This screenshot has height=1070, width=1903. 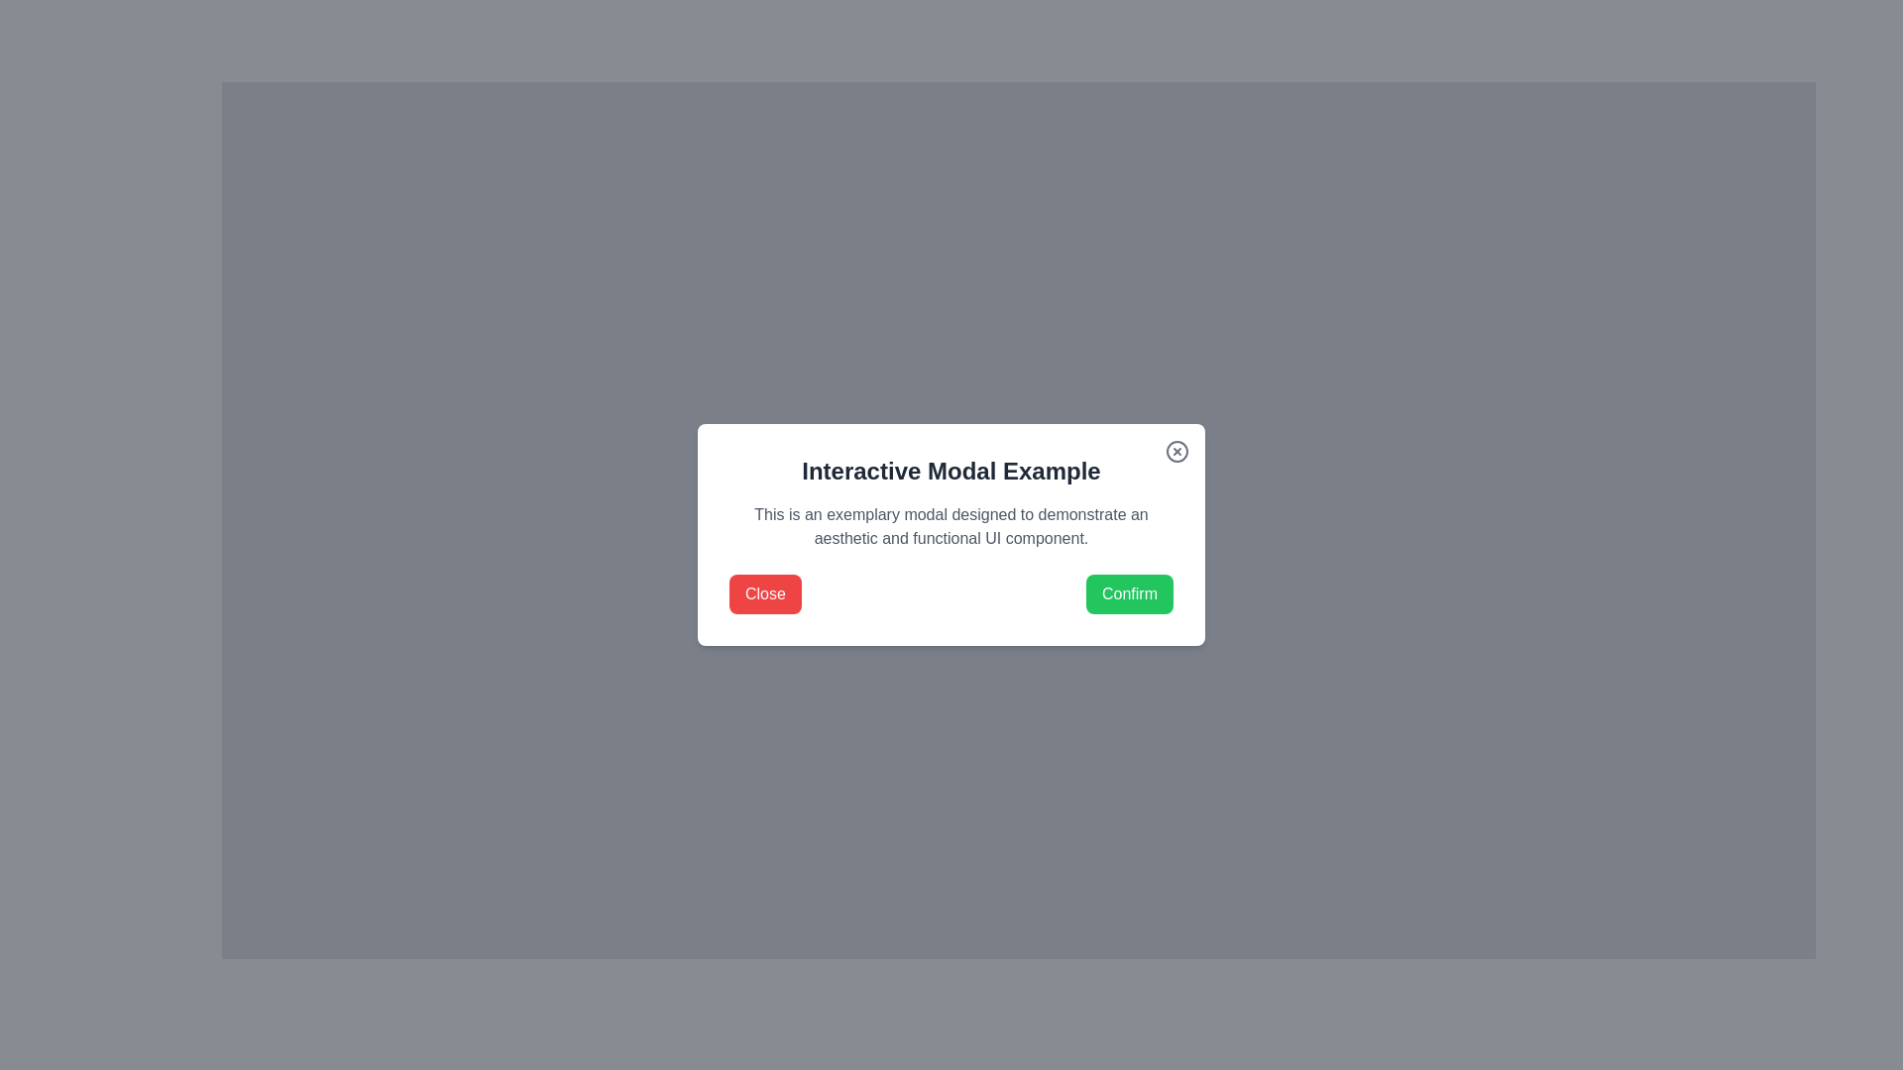 What do you see at coordinates (1129, 593) in the screenshot?
I see `the 'Confirm' button with rounded corners, green background, and white text located in the bottom-right corner of the modal box for keyboard interaction` at bounding box center [1129, 593].